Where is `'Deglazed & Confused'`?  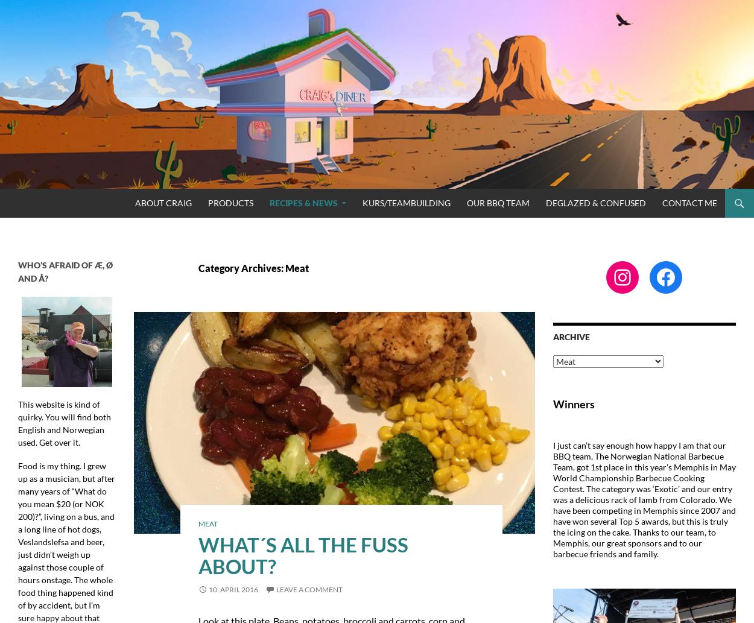
'Deglazed & Confused' is located at coordinates (595, 201).